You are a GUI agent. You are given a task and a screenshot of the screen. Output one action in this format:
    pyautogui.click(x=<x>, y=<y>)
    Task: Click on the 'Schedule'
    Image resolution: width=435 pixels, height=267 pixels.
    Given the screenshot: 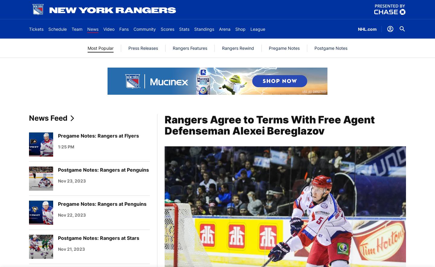 What is the action you would take?
    pyautogui.click(x=48, y=29)
    